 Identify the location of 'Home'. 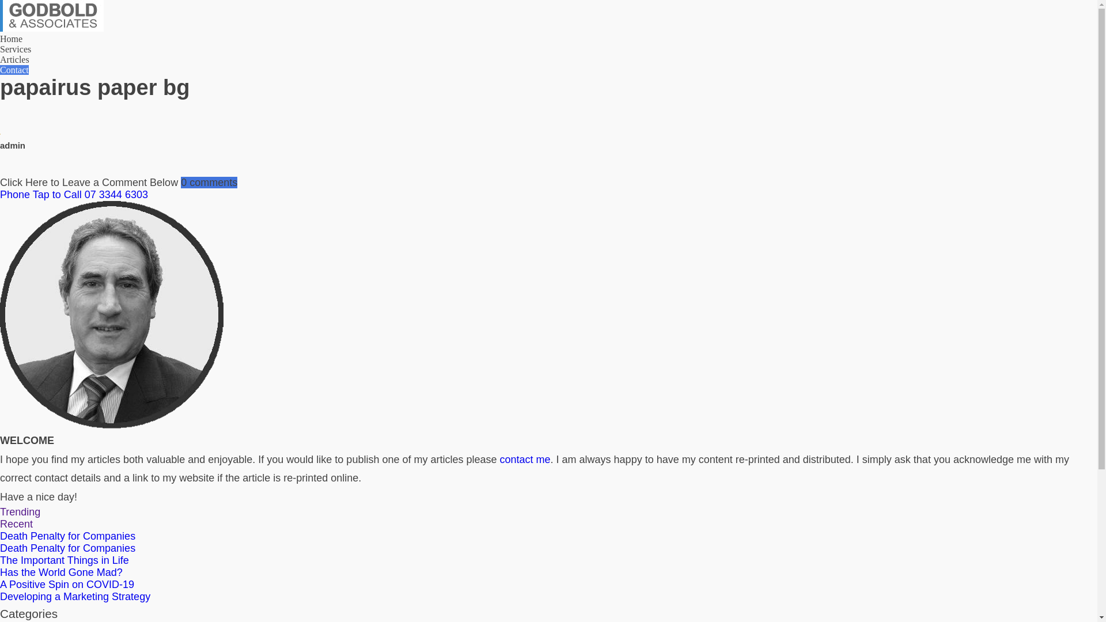
(11, 38).